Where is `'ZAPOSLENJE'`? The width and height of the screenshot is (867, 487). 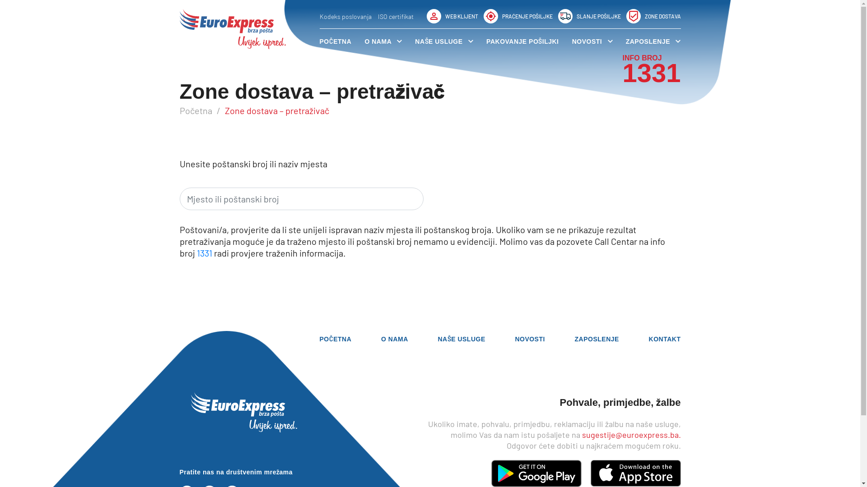
'ZAPOSLENJE' is located at coordinates (653, 41).